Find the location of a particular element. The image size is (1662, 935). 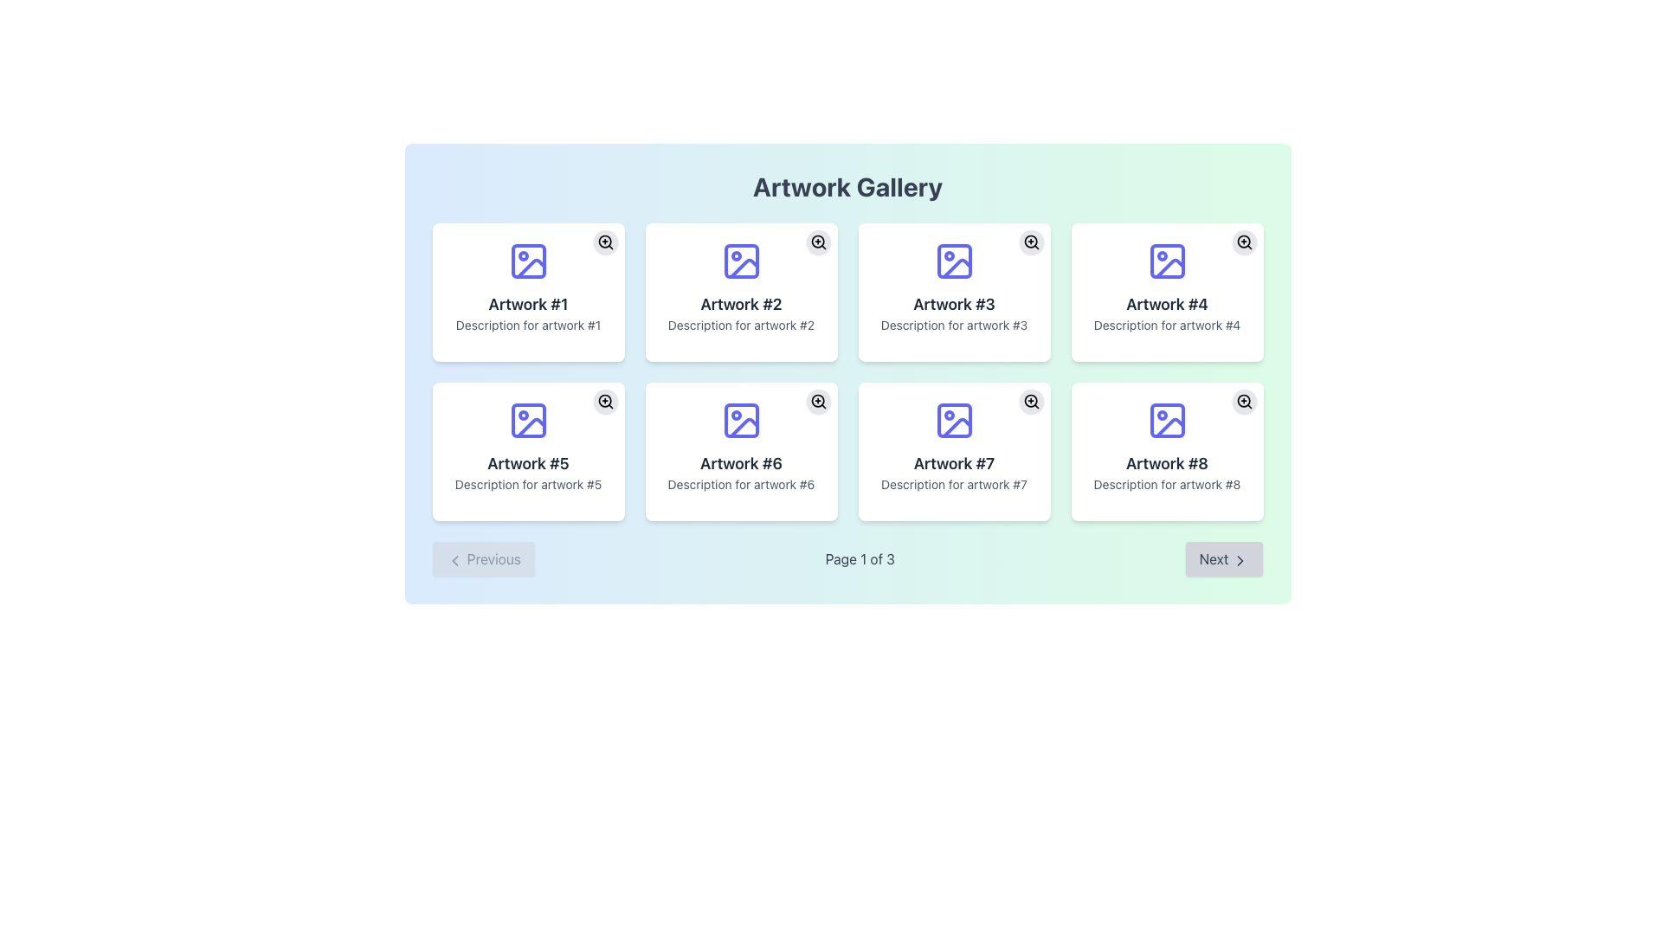

the icon component representing an image or picture located at the top of the 'Artwork #8' card in the bottom-right corner of the grid is located at coordinates (1167, 421).